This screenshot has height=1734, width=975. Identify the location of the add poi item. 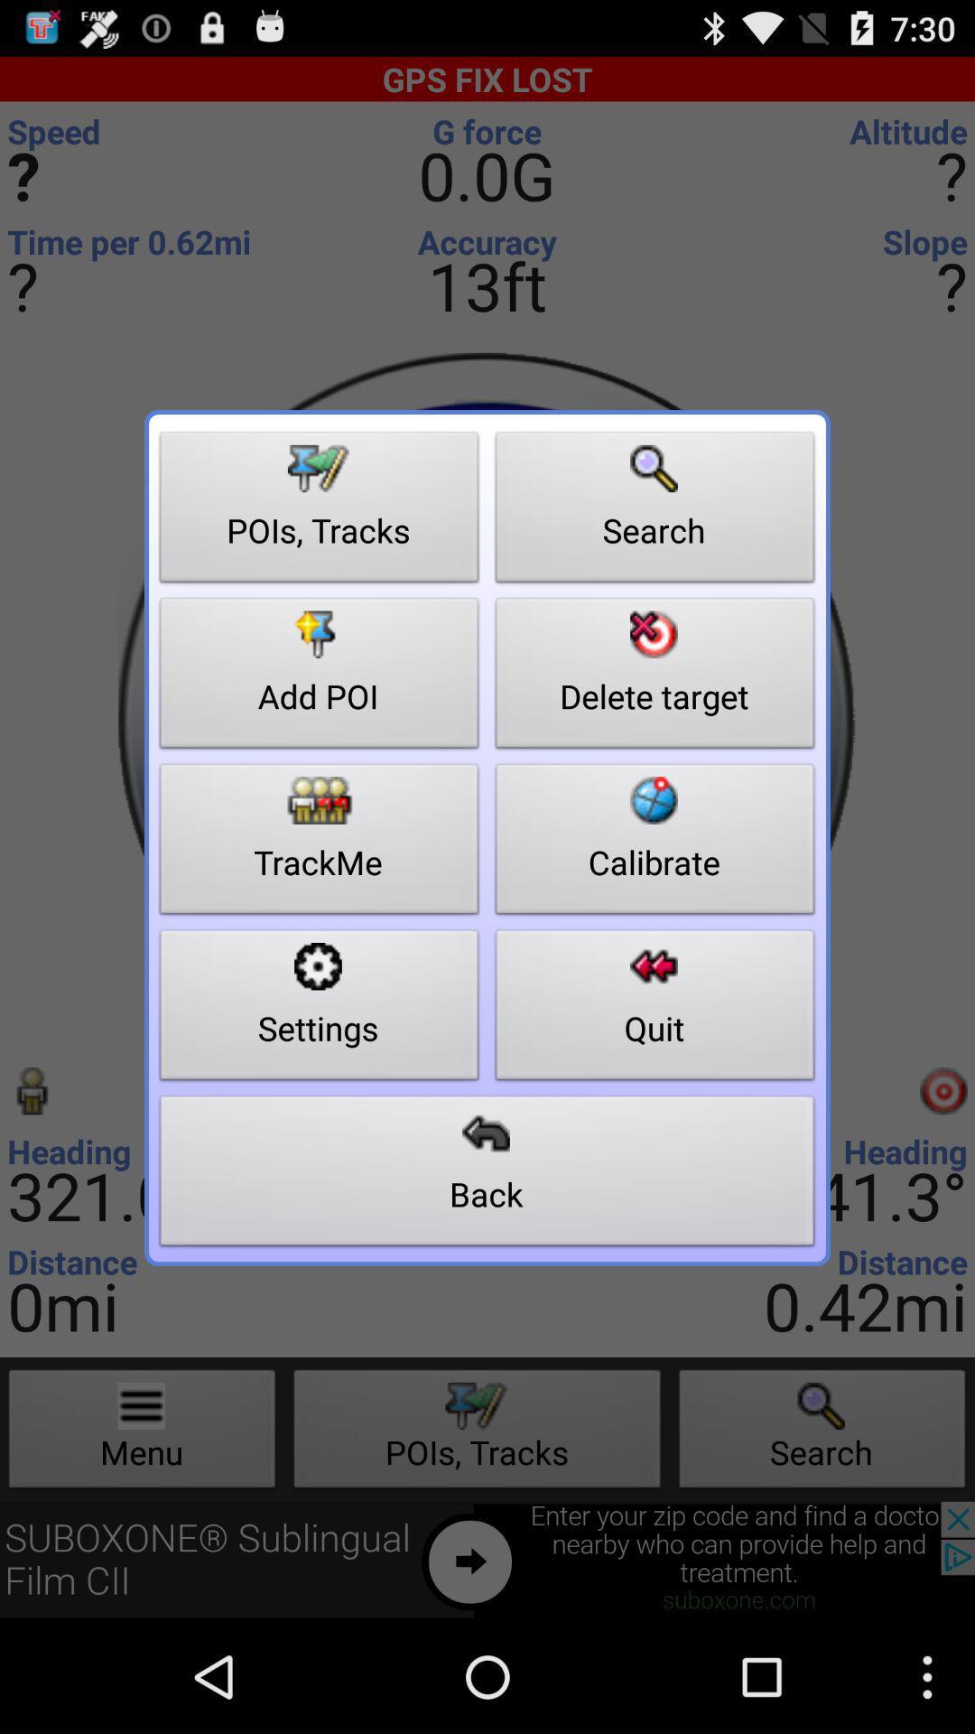
(319, 677).